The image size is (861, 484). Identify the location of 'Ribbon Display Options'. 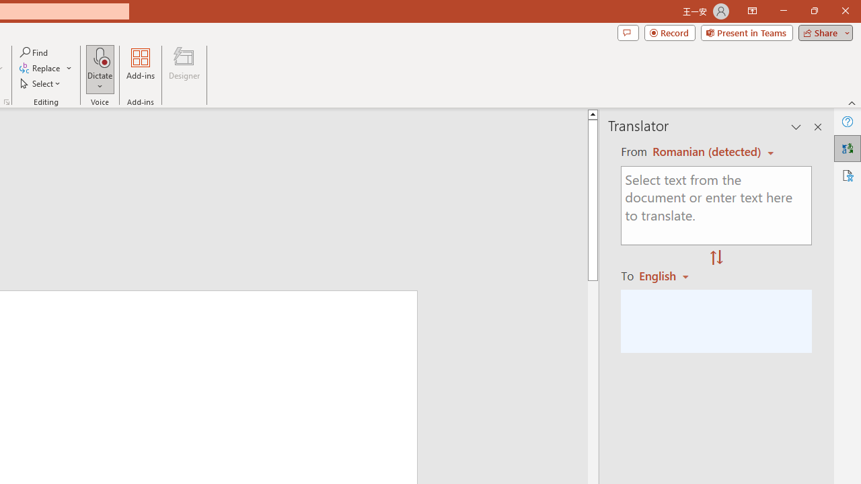
(751, 11).